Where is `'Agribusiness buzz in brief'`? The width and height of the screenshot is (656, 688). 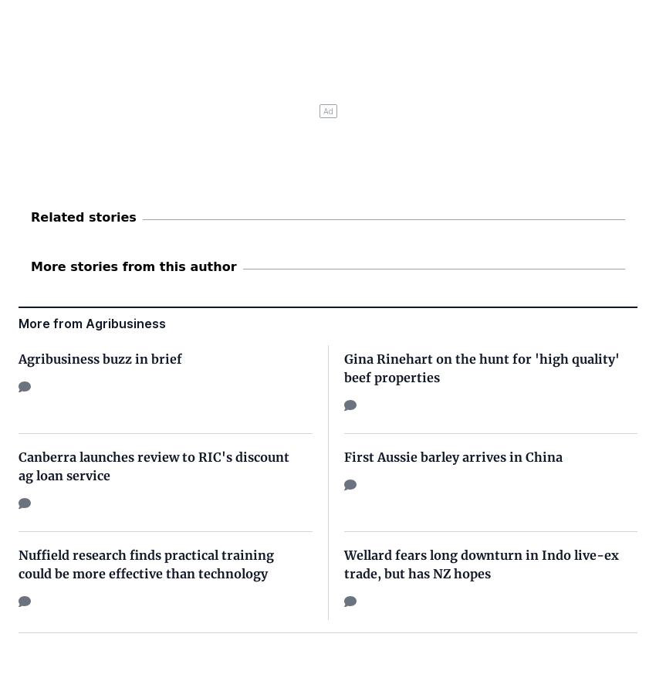
'Agribusiness buzz in brief' is located at coordinates (17, 358).